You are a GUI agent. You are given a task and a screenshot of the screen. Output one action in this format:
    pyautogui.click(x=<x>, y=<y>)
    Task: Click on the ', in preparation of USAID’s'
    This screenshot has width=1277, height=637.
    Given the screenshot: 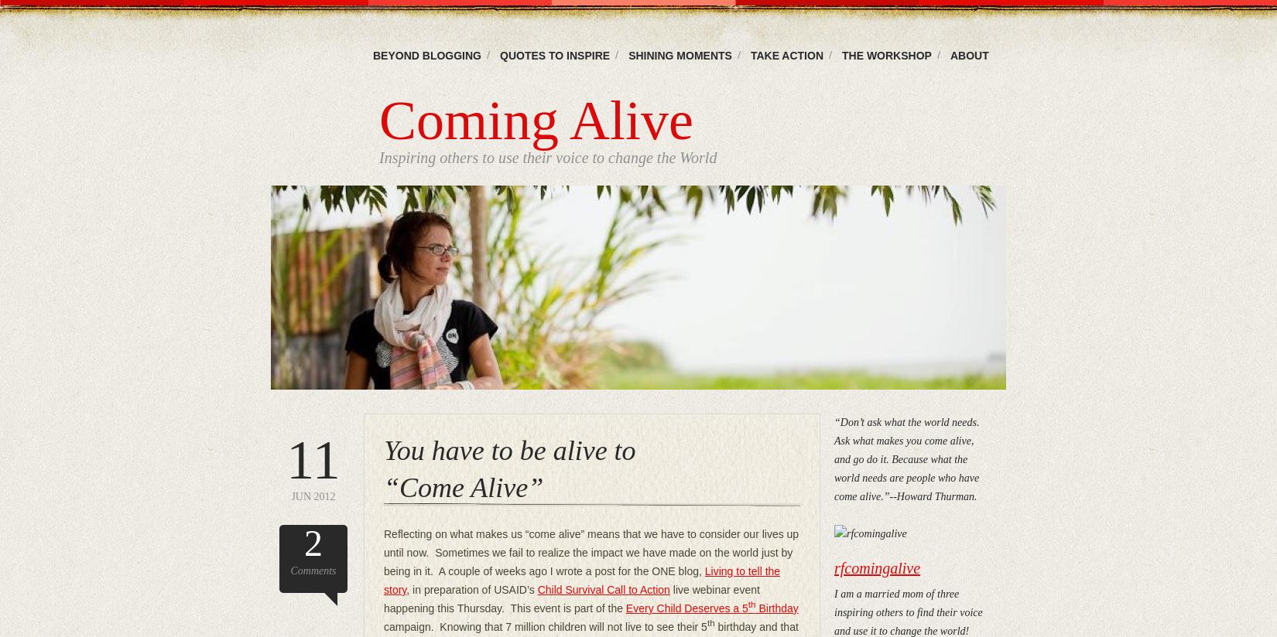 What is the action you would take?
    pyautogui.click(x=471, y=589)
    